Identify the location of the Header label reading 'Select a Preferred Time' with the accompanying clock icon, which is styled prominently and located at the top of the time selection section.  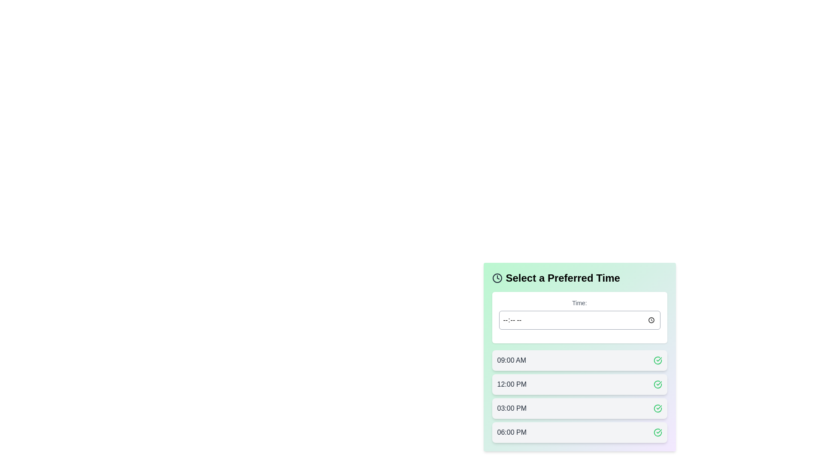
(579, 278).